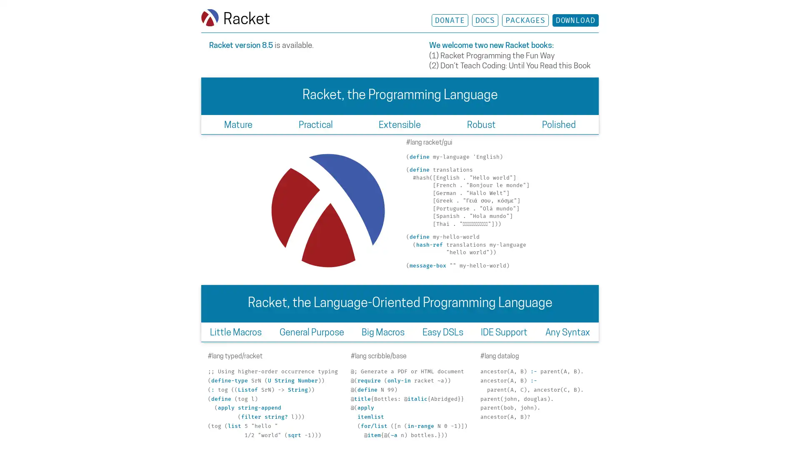  What do you see at coordinates (315, 124) in the screenshot?
I see `Practical` at bounding box center [315, 124].